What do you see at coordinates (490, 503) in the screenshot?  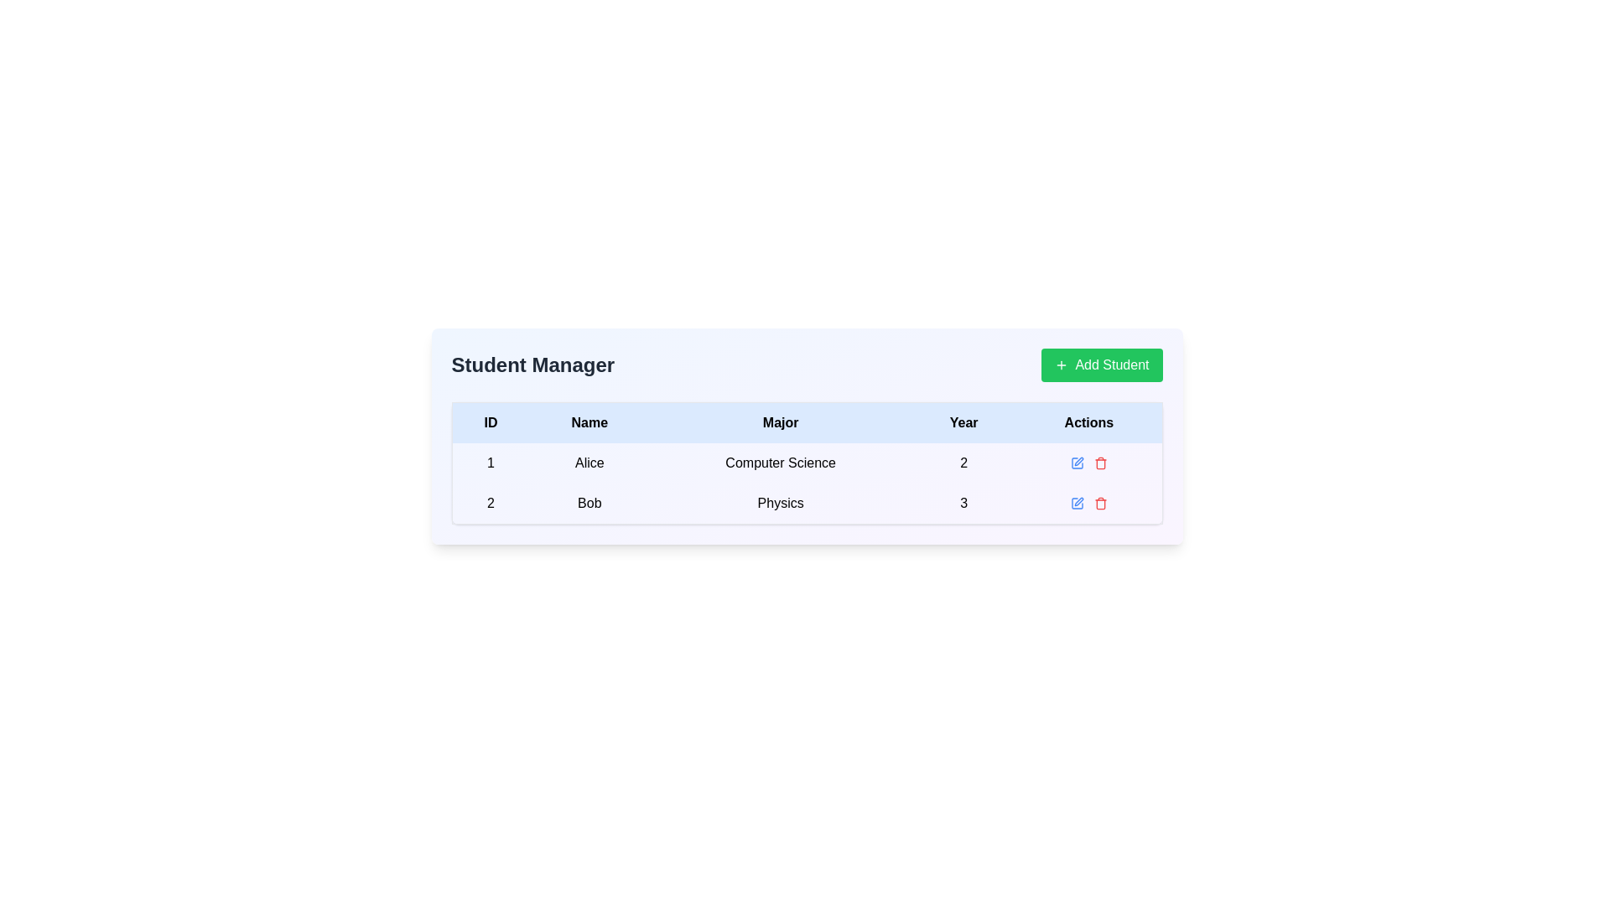 I see `the text block displaying the number '2', which is bold and black, centered in the first column of the second row, serving as the ID for the entry 'Bob'` at bounding box center [490, 503].